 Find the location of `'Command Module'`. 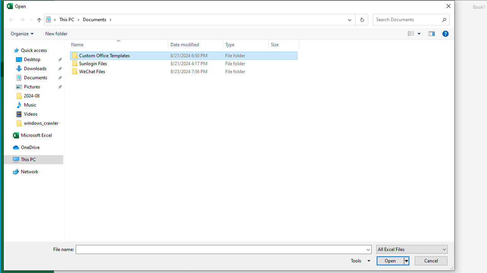

'Command Module' is located at coordinates (229, 33).